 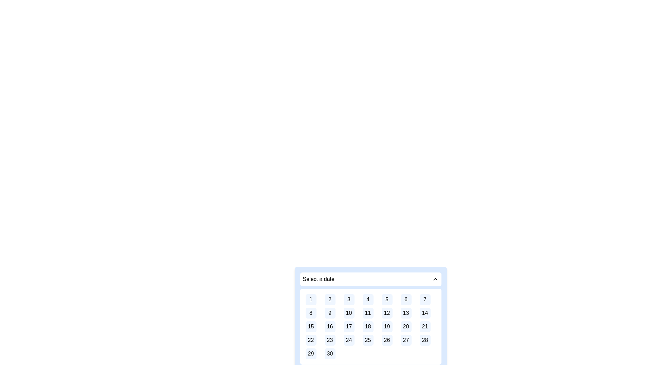 What do you see at coordinates (406, 326) in the screenshot?
I see `the rounded rectangular button displaying the number '20' in black text against a light blue background` at bounding box center [406, 326].